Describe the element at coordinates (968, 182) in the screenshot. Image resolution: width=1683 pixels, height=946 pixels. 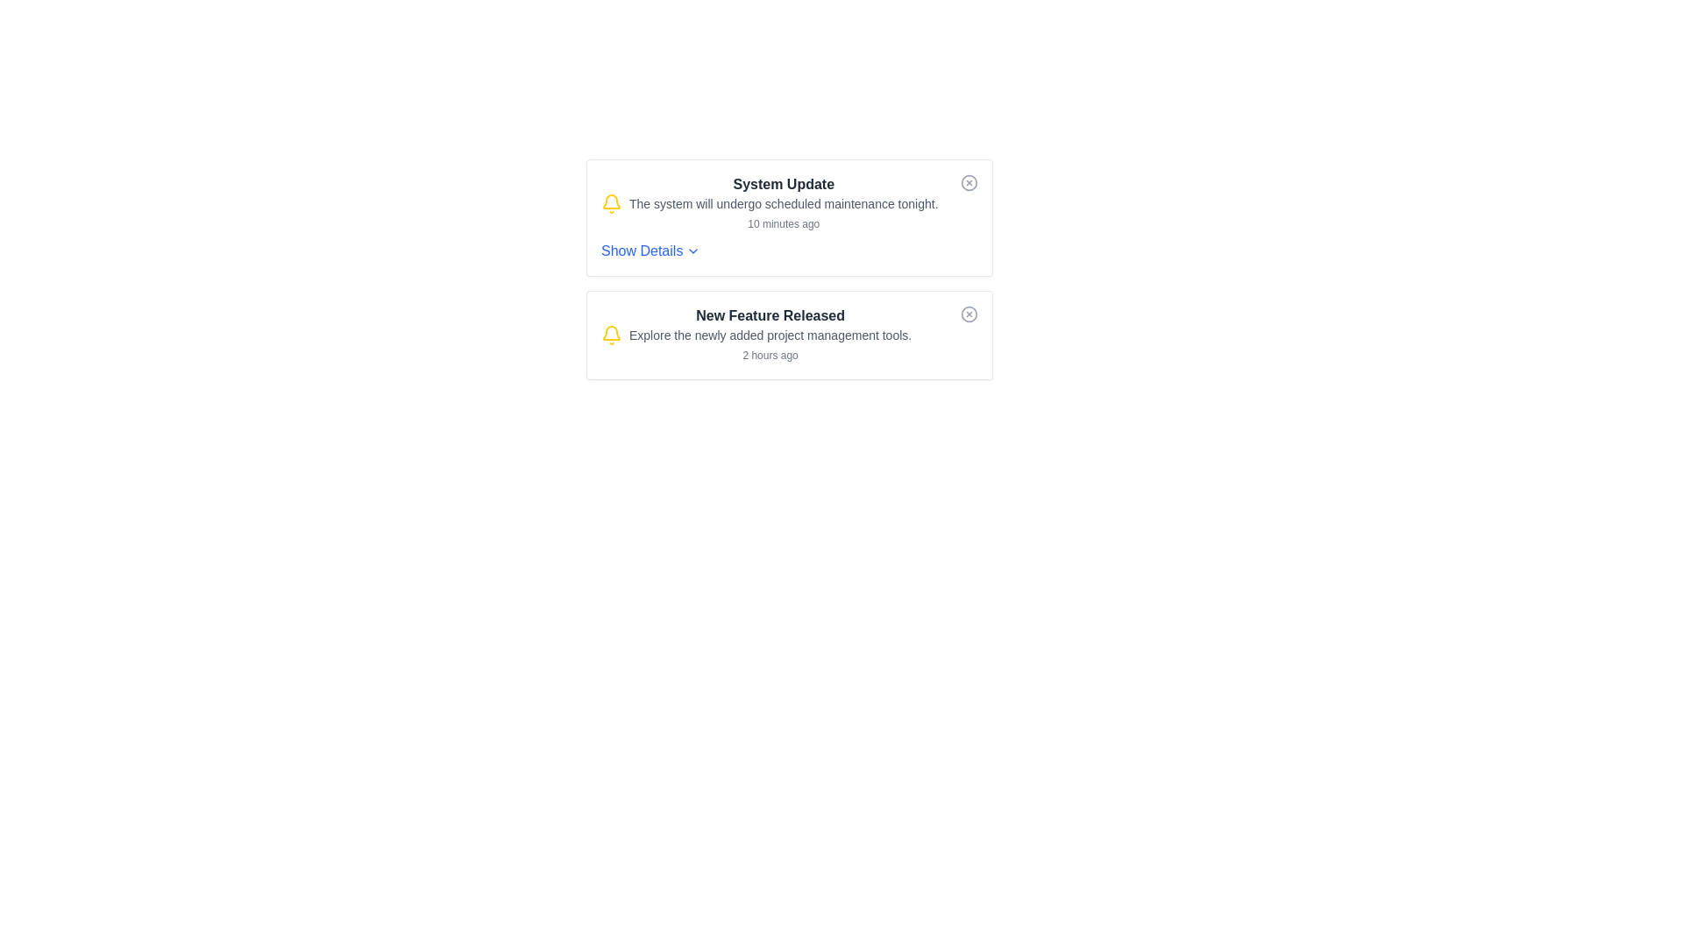
I see `the circular 'close' button with an 'X' symbol located in the upper-right corner of the 'System Update' notification block` at that location.